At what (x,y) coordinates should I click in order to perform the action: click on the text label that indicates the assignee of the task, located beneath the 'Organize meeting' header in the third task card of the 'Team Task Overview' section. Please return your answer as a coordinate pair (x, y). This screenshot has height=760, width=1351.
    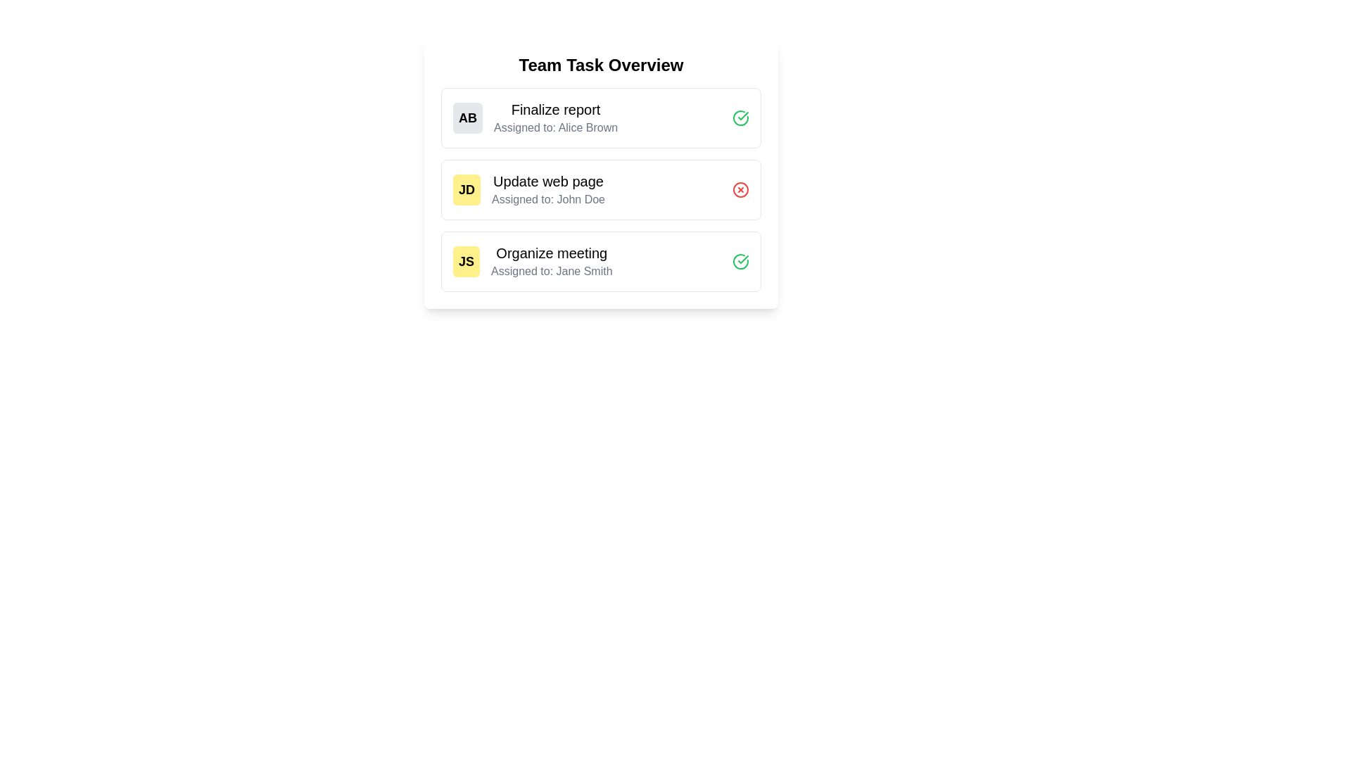
    Looking at the image, I should click on (551, 271).